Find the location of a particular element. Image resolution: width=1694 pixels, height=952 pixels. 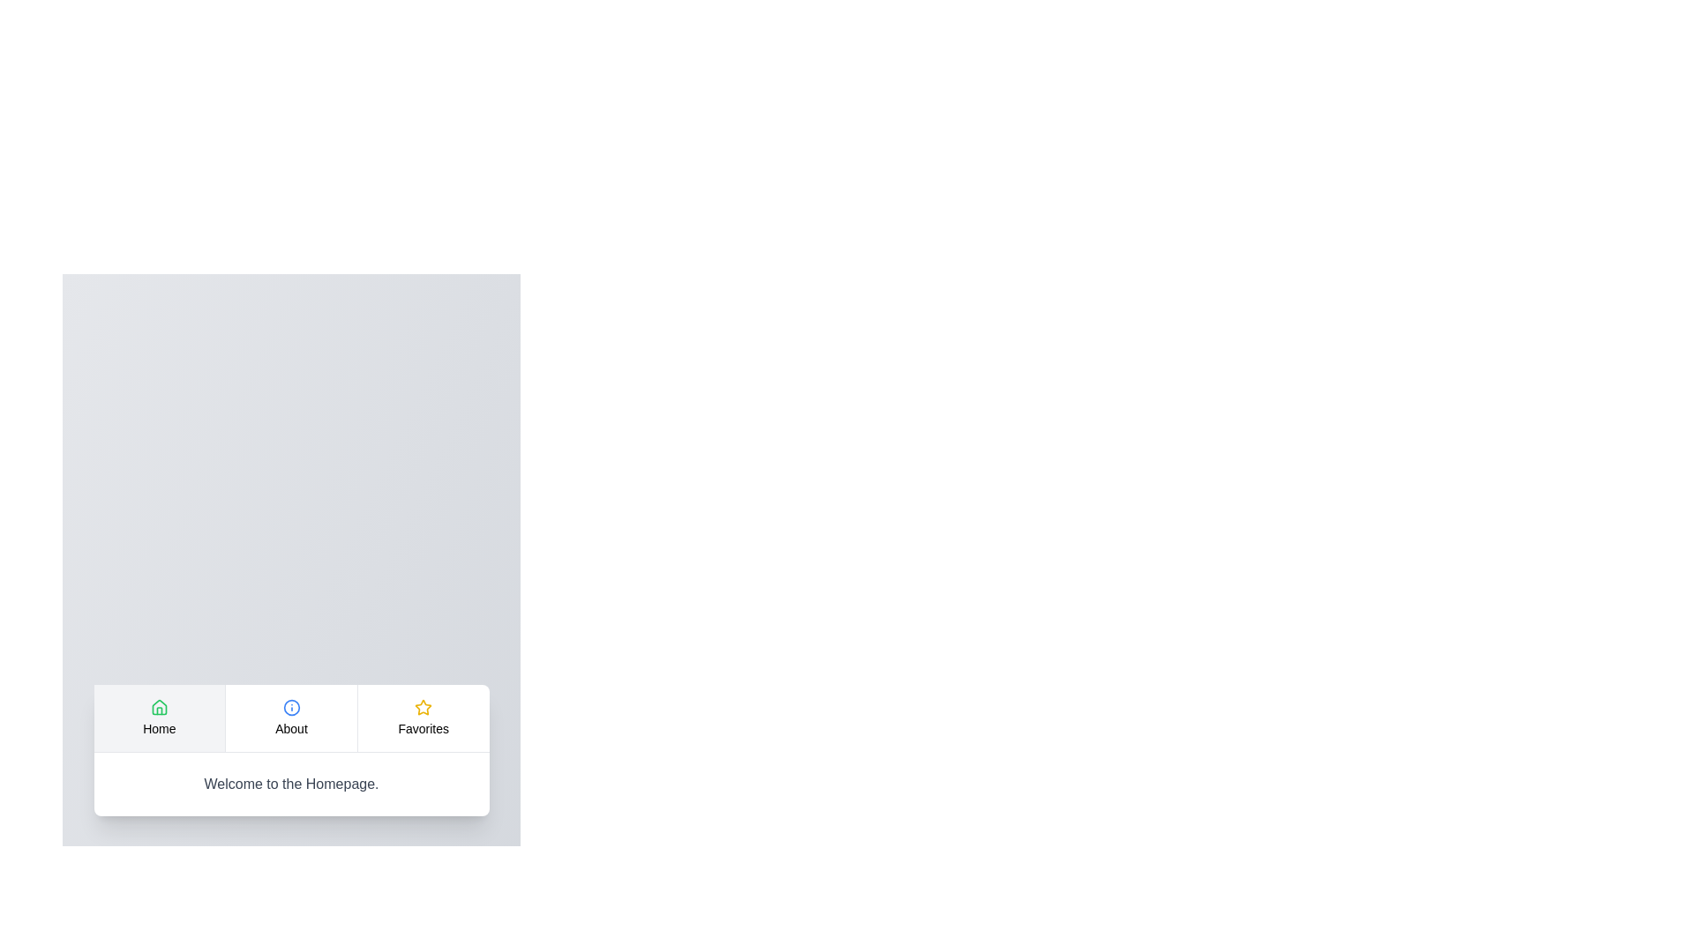

the 'About' tab to select it is located at coordinates (291, 717).